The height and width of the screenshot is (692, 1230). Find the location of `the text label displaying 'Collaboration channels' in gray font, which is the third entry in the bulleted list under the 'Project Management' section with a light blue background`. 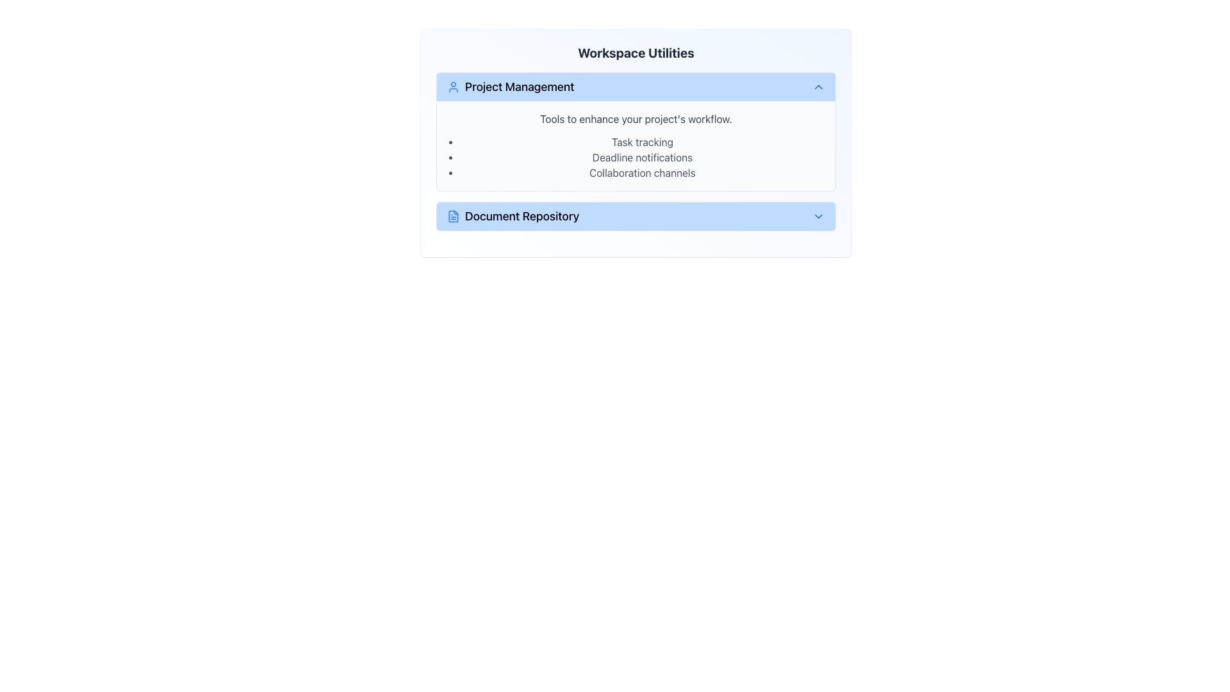

the text label displaying 'Collaboration channels' in gray font, which is the third entry in the bulleted list under the 'Project Management' section with a light blue background is located at coordinates (643, 173).